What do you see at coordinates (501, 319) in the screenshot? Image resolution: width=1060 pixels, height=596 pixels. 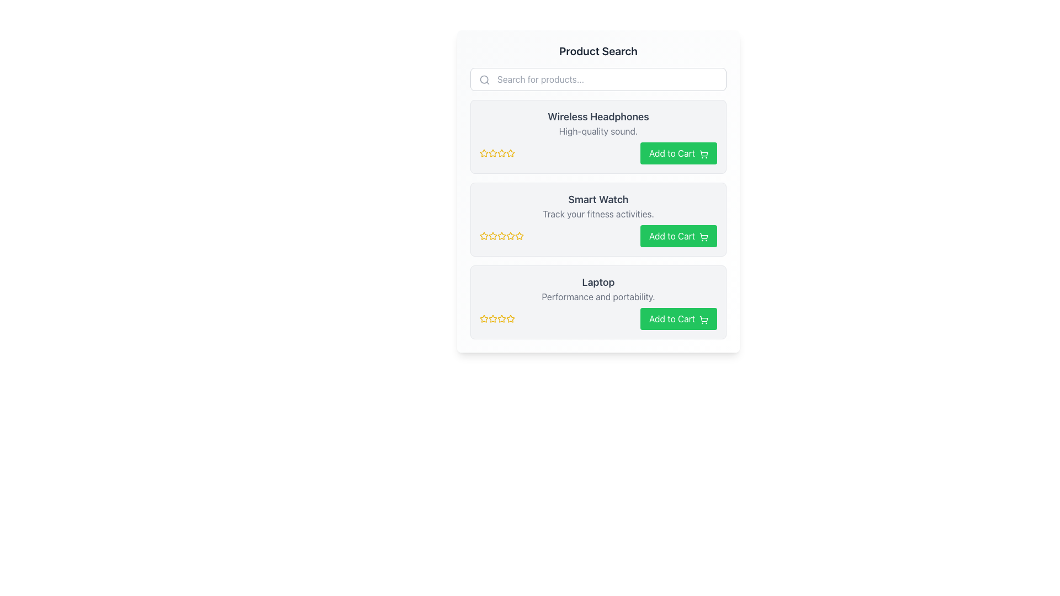 I see `the fifth Rating Star Icon in the Laptop product section` at bounding box center [501, 319].